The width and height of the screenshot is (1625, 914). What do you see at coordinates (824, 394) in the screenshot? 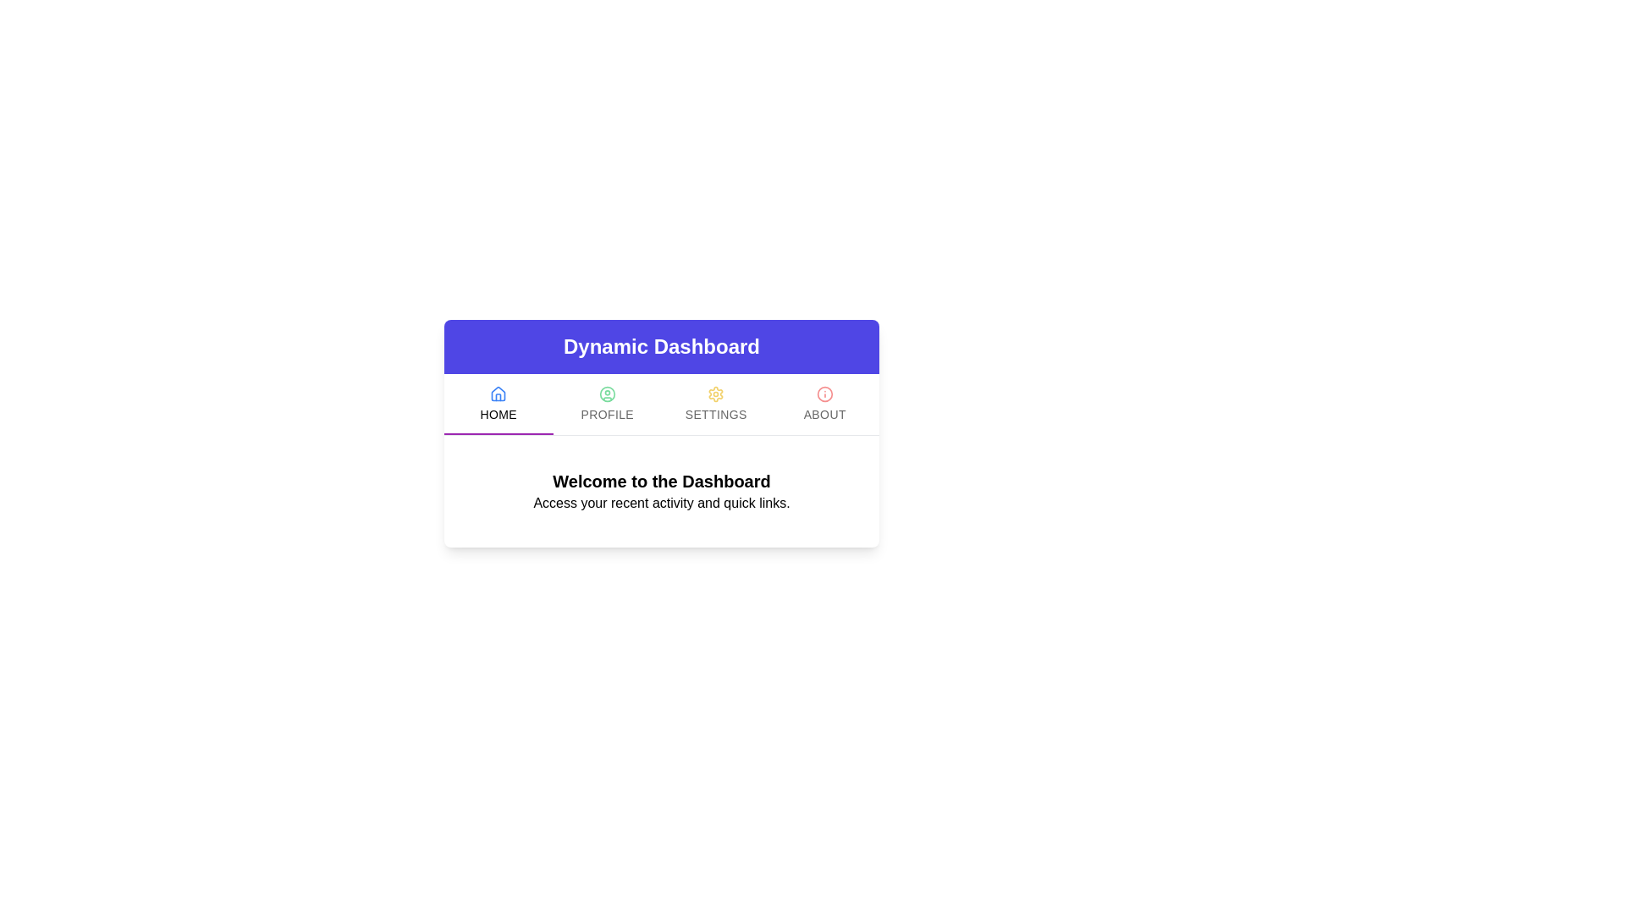
I see `the circular graphical component that represents the 'ABOUT' tab in the navigation menu, located at the top center of the dashboard` at bounding box center [824, 394].